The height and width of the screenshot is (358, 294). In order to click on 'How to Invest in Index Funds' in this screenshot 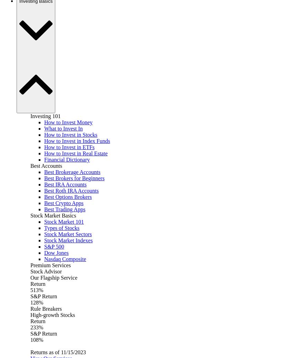, I will do `click(77, 141)`.